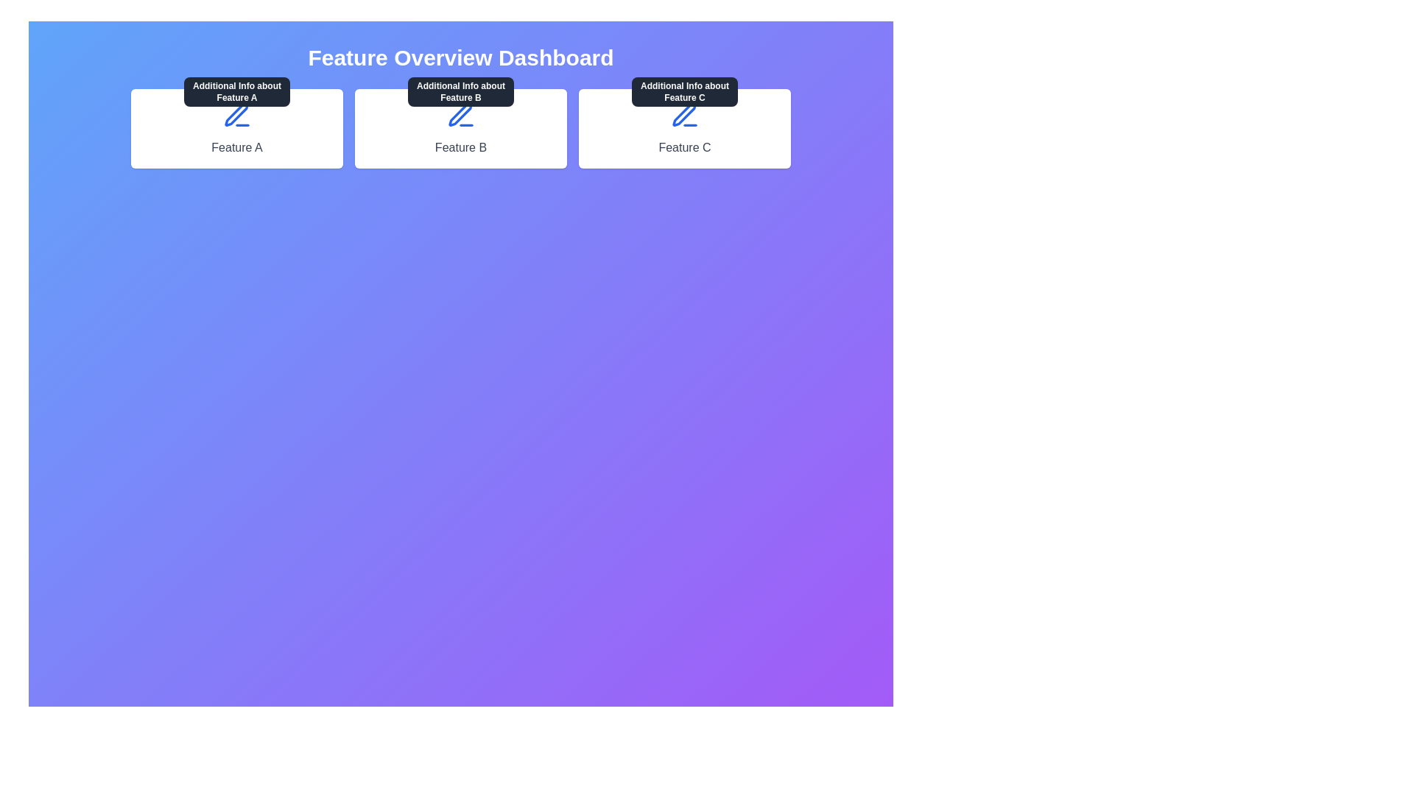  I want to click on the Informational Badge positioned at the top center of the 'Feature B' card, which provides additional contextual detail for the feature, so click(460, 91).